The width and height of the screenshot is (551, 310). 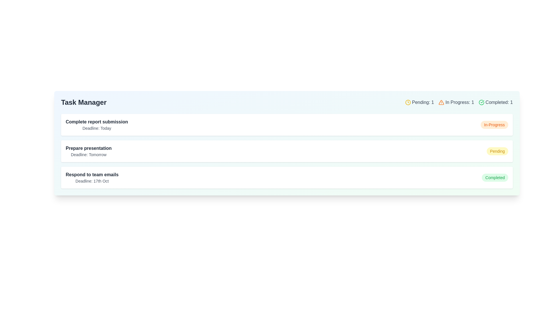 I want to click on text label located at the top-left section of the interface, which serves as a title or heading for the current view, so click(x=84, y=102).